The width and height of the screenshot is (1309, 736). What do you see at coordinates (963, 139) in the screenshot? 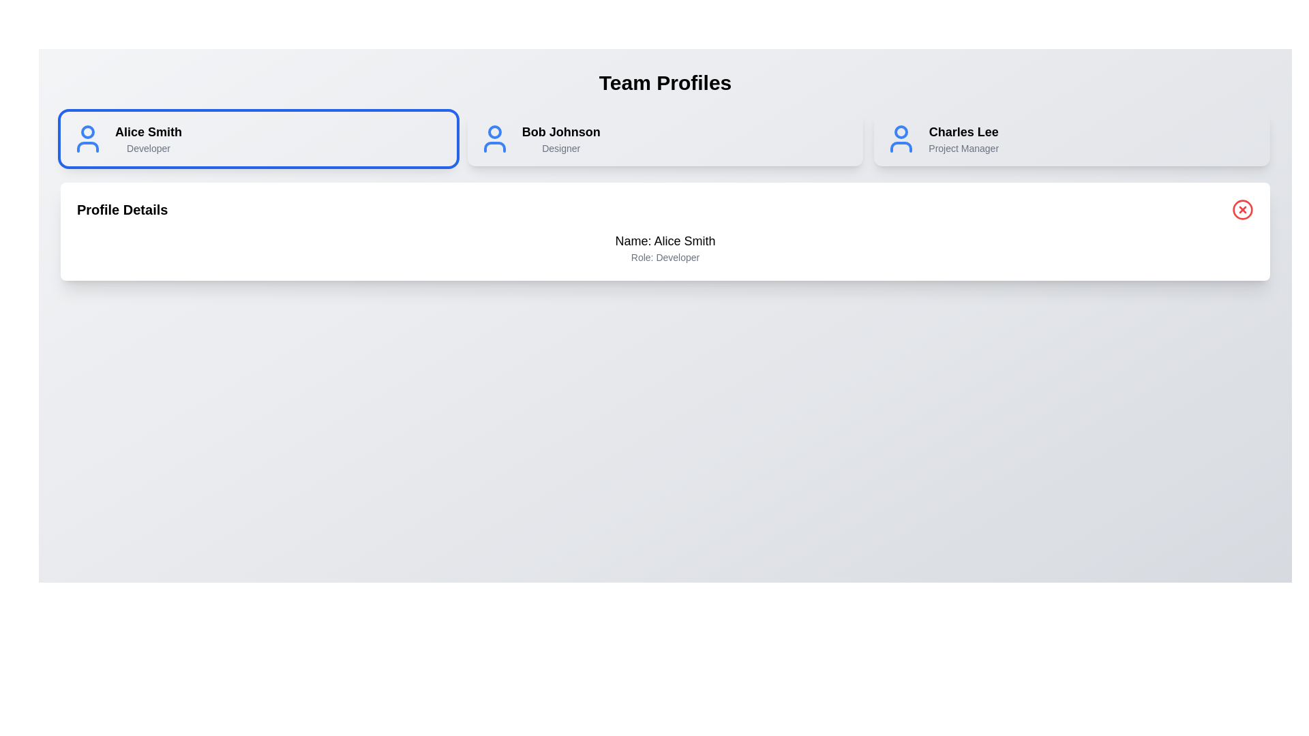
I see `displayed information from the Text label that conveys the name and job title of a team member, positioned on the rightmost side of a group of user profile components under 'Team Profiles'` at bounding box center [963, 139].